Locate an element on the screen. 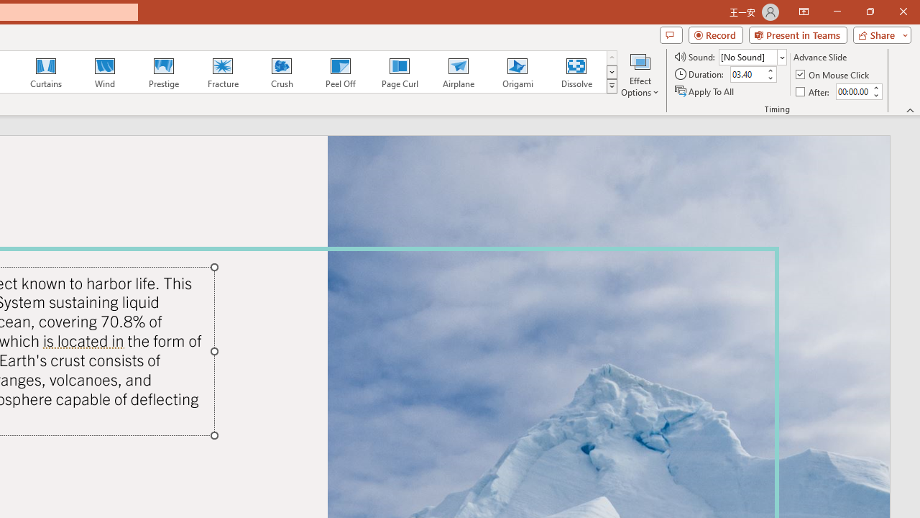 The image size is (920, 518). 'Apply To All' is located at coordinates (705, 91).